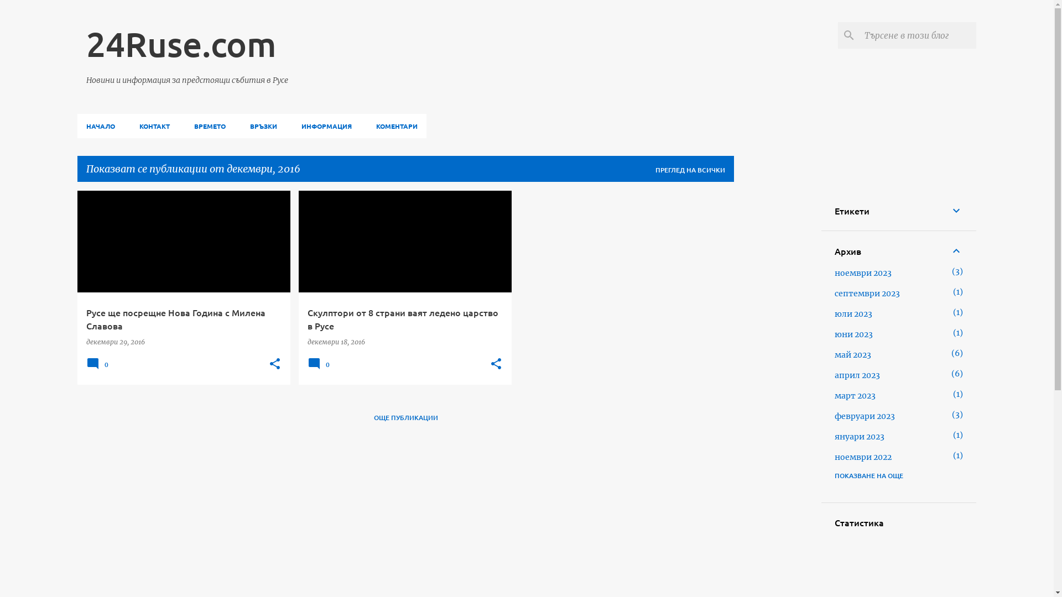 Image resolution: width=1062 pixels, height=597 pixels. What do you see at coordinates (181, 43) in the screenshot?
I see `'24Ruse.com'` at bounding box center [181, 43].